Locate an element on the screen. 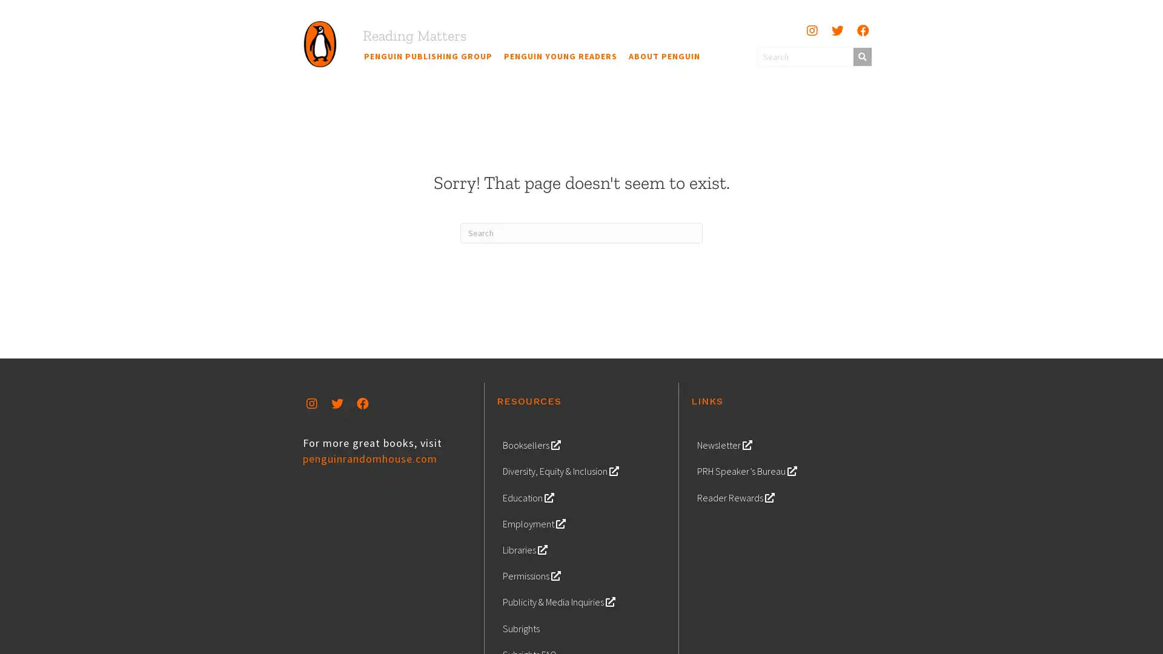  Instagram is located at coordinates (811, 30).